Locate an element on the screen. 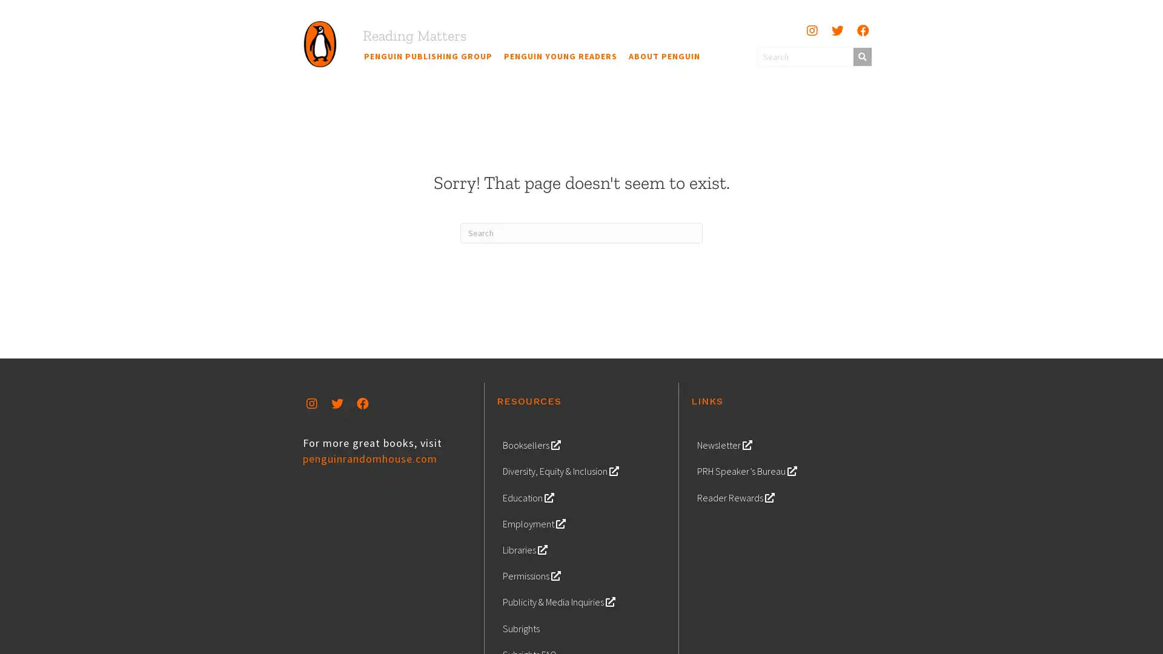  Instagram is located at coordinates (811, 30).